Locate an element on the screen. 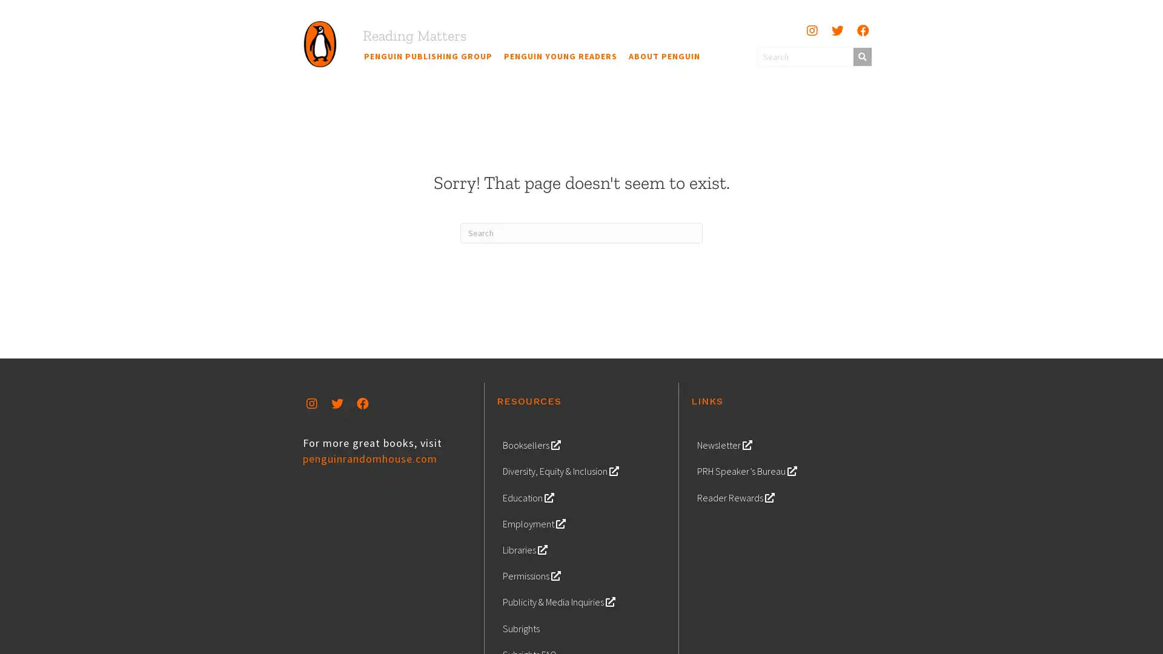  Instagram is located at coordinates (811, 30).